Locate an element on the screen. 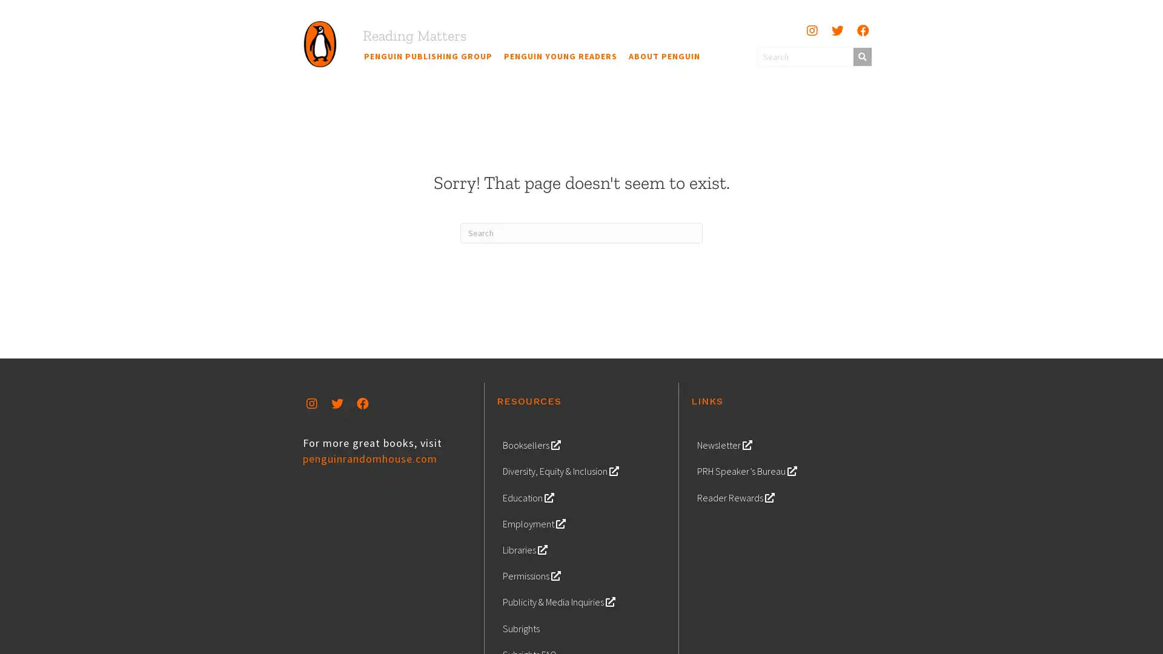  Instagram is located at coordinates (811, 30).